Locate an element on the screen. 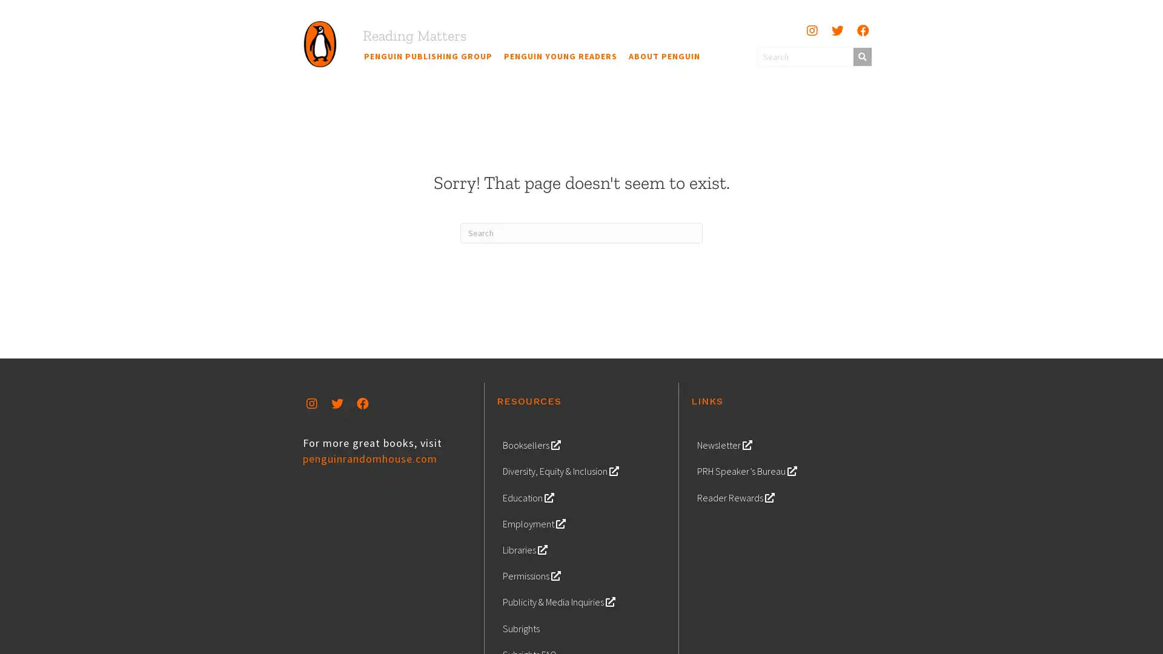  Instagram is located at coordinates (811, 30).